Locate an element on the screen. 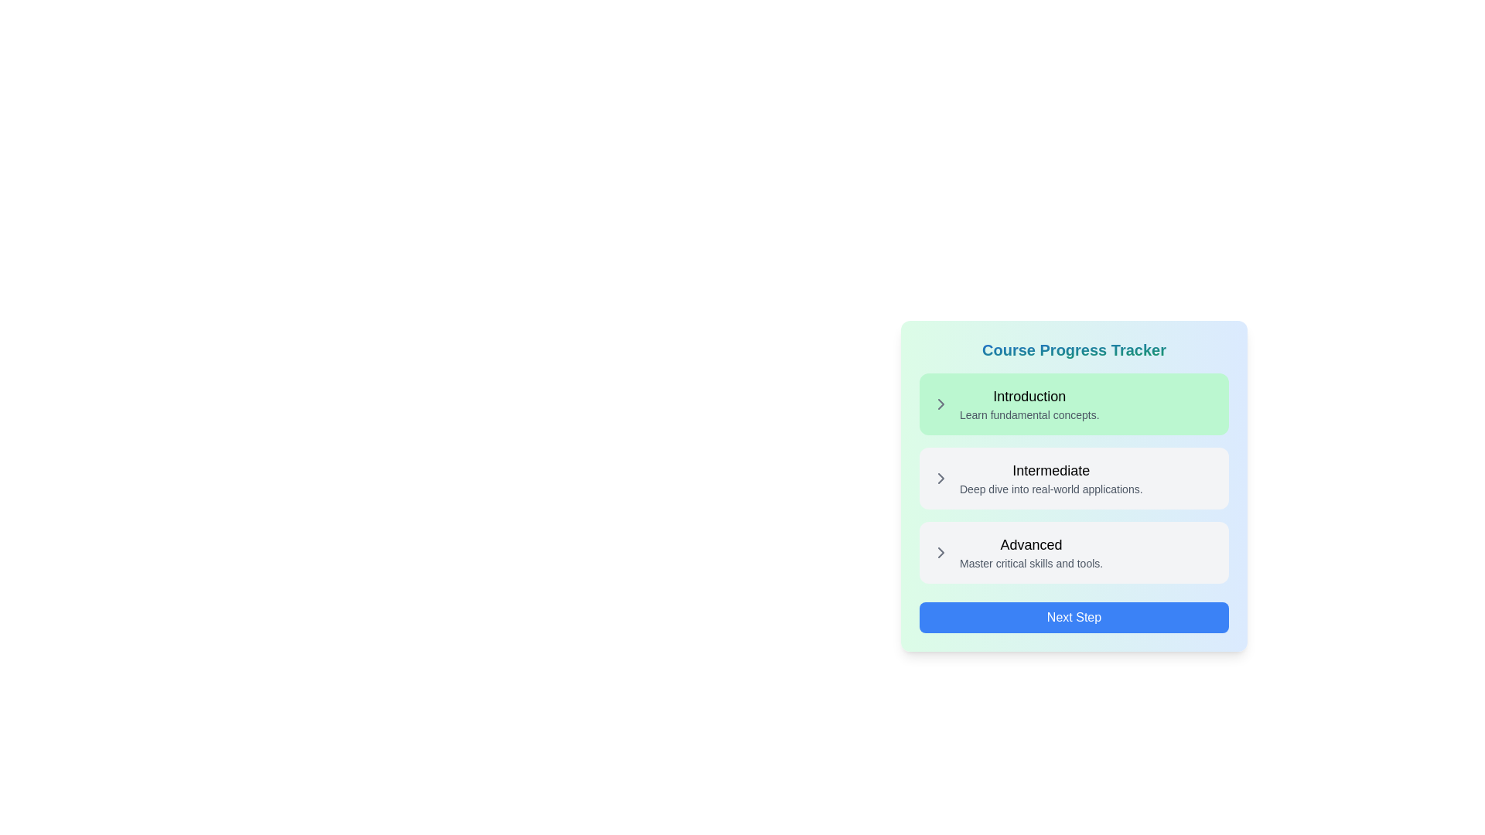 The image size is (1485, 835). the dark gray right arrow icon button located to the left of the text 'Intermediate' within the light gray rectangular background in the middle option of the course levels progress tracker is located at coordinates (940, 477).